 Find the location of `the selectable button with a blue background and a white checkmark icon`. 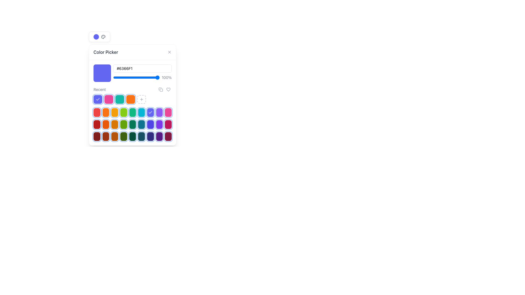

the selectable button with a blue background and a white checkmark icon is located at coordinates (150, 112).